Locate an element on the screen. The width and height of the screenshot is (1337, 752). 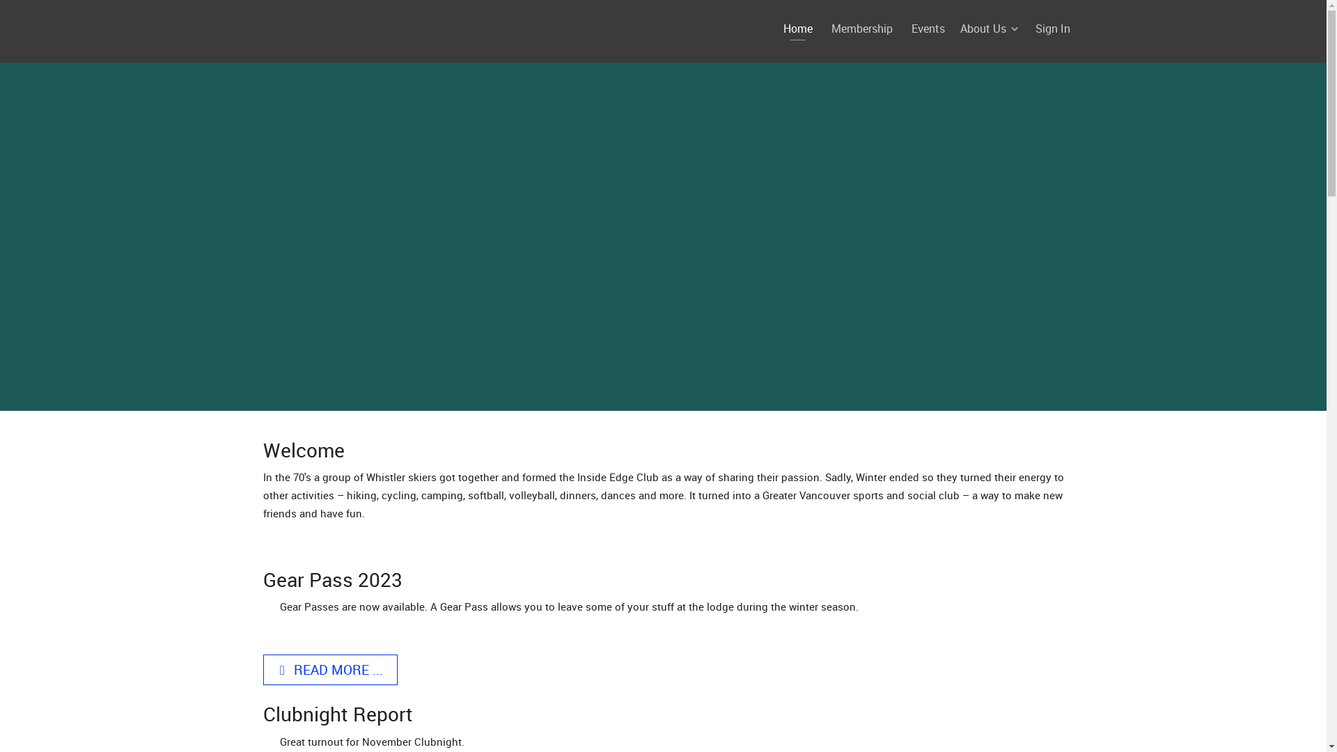
'Home' is located at coordinates (797, 29).